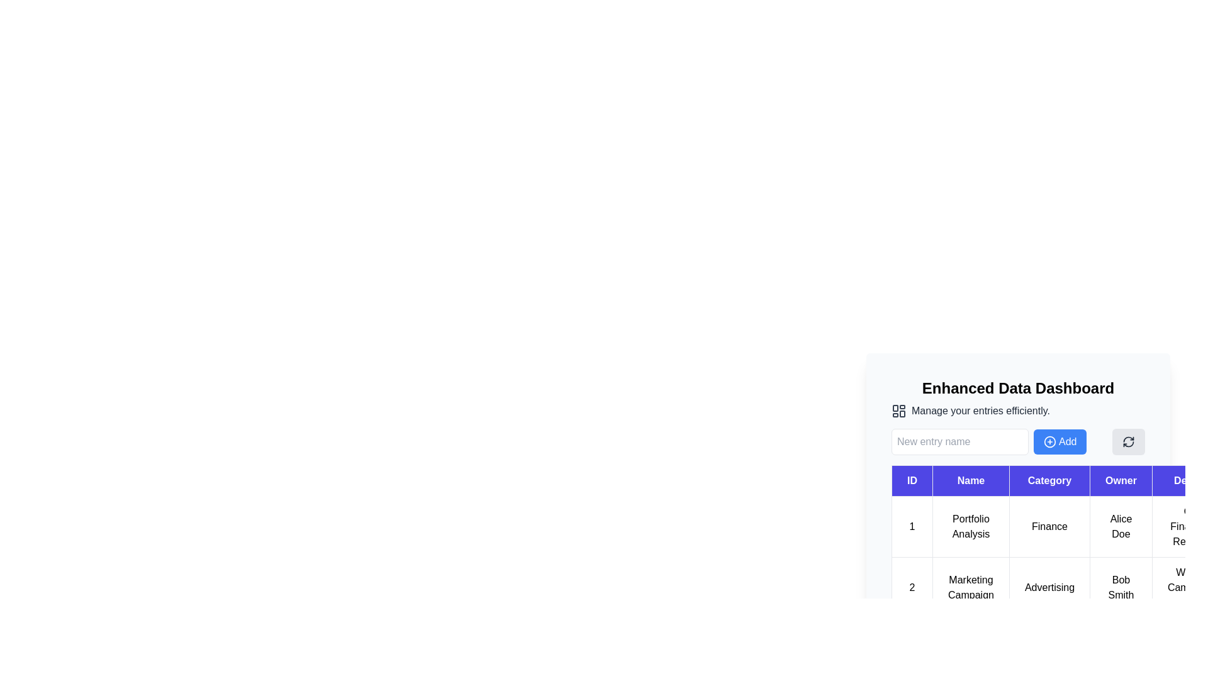  I want to click on text content from the data cell in the first row of the table under the 'Owner' column, which provides ownership information for the entry, so click(1121, 526).